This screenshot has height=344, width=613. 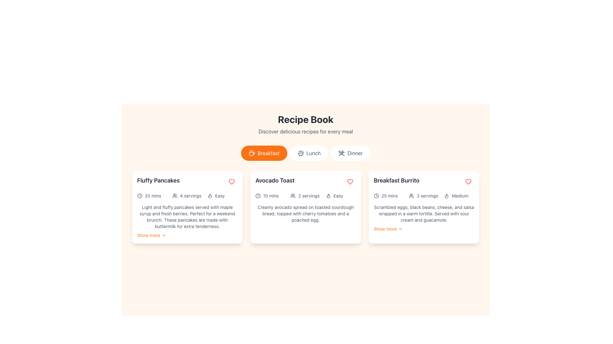 I want to click on the 'Dinner' category button label, so click(x=355, y=153).